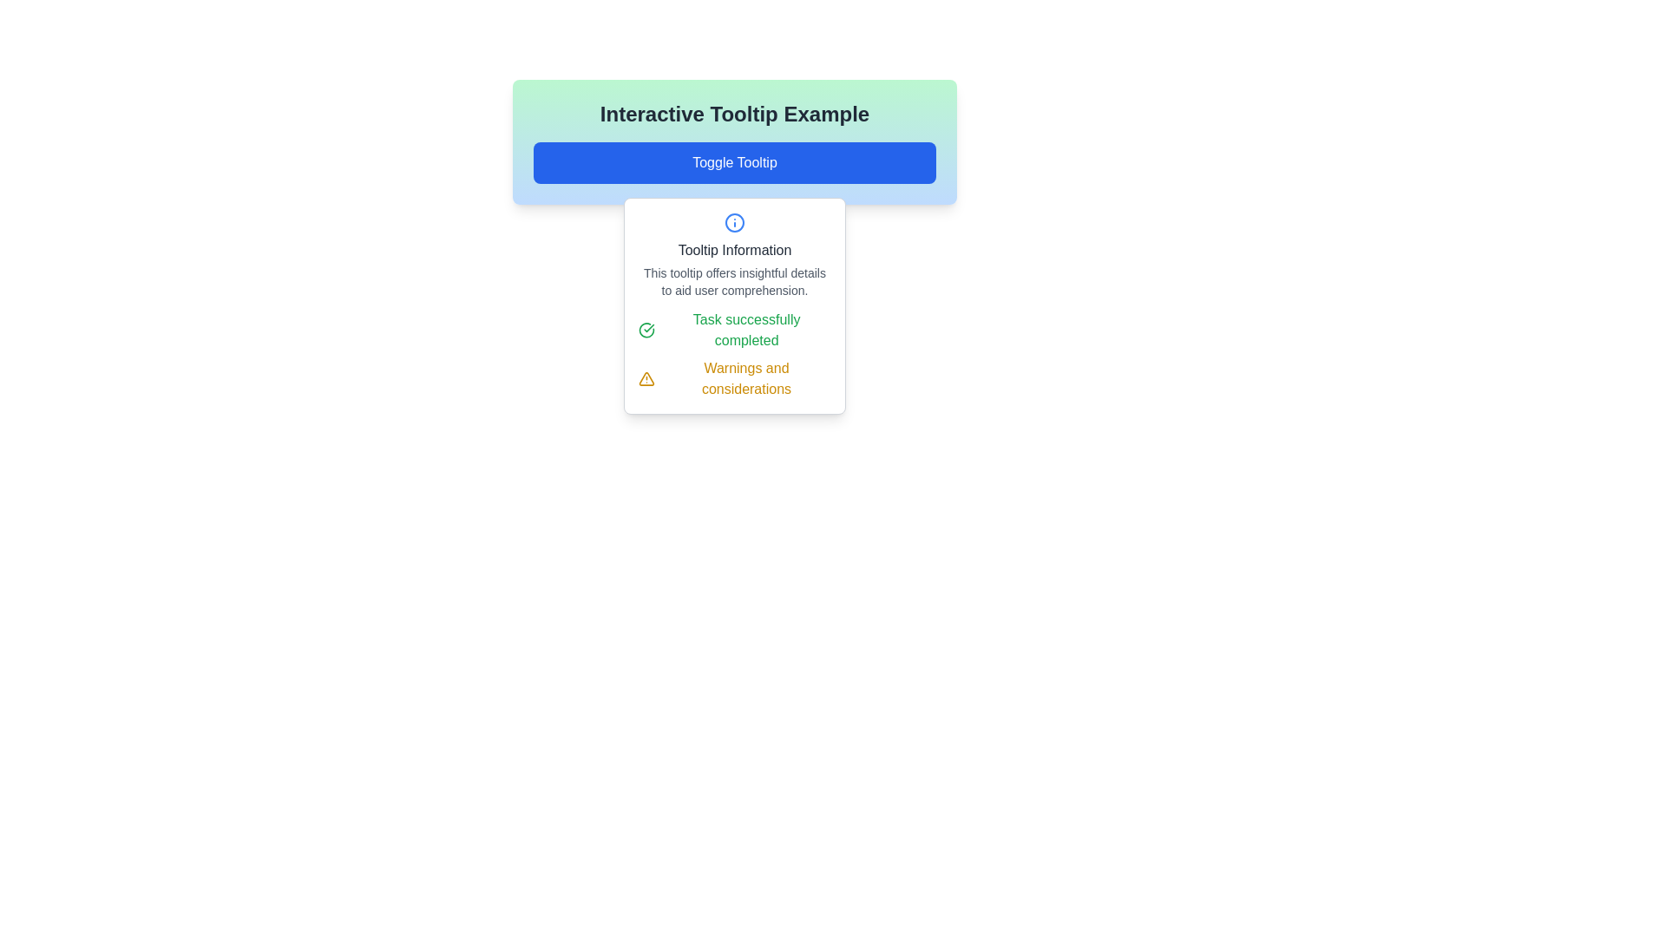  I want to click on the Icon (Circle with Checkmark) located on the left side of the 'Task successfully completed' group in the 'Tooltip Information' section to indicate a successful task completion, so click(646, 331).